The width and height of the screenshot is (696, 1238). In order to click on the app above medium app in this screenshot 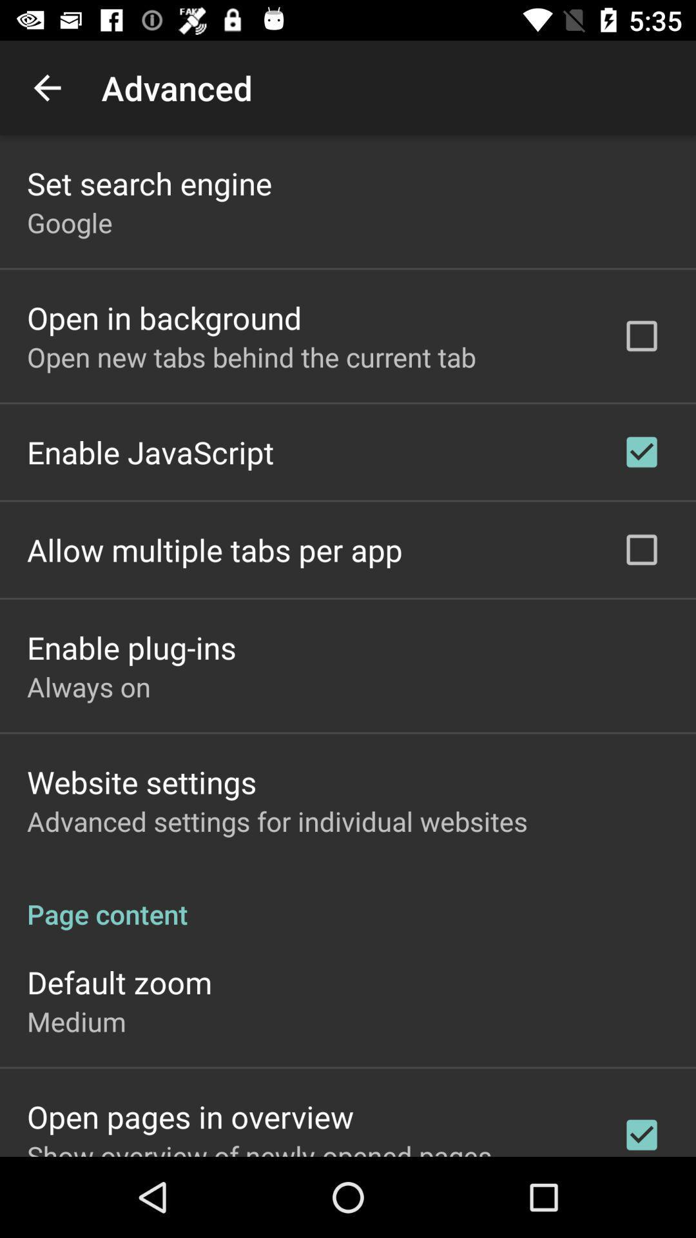, I will do `click(119, 981)`.